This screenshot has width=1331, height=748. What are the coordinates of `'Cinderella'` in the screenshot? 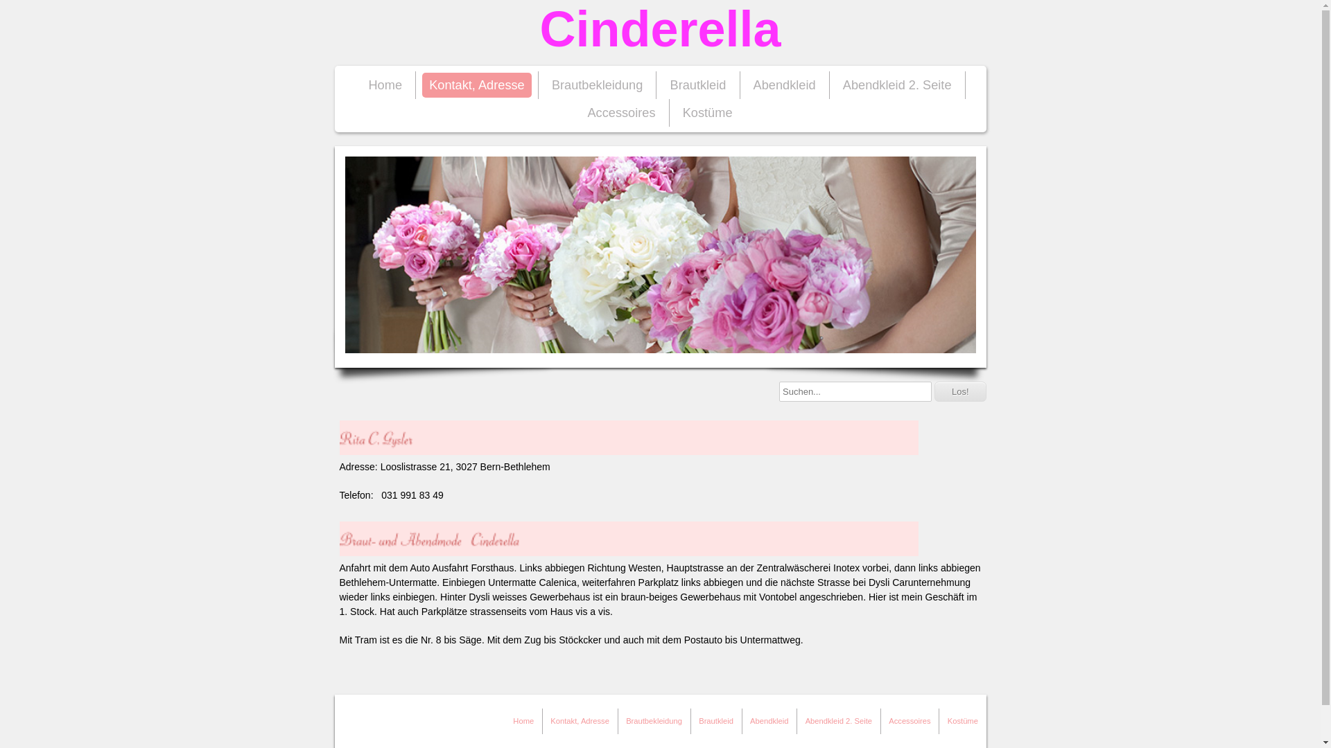 It's located at (659, 32).